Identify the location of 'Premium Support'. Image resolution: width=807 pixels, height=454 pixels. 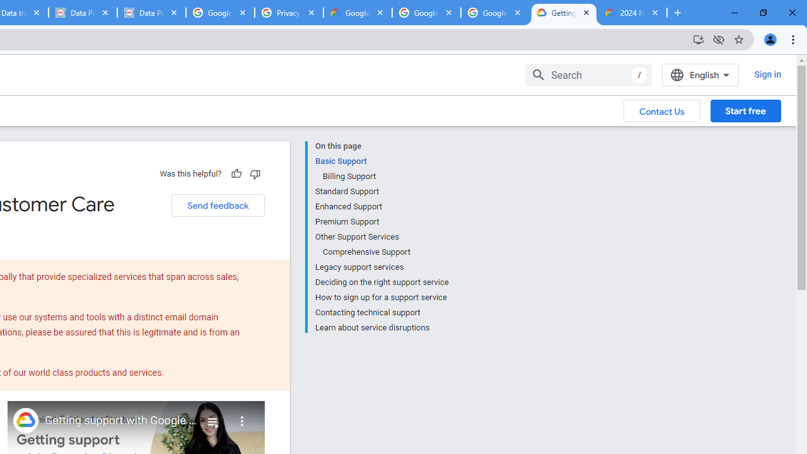
(381, 221).